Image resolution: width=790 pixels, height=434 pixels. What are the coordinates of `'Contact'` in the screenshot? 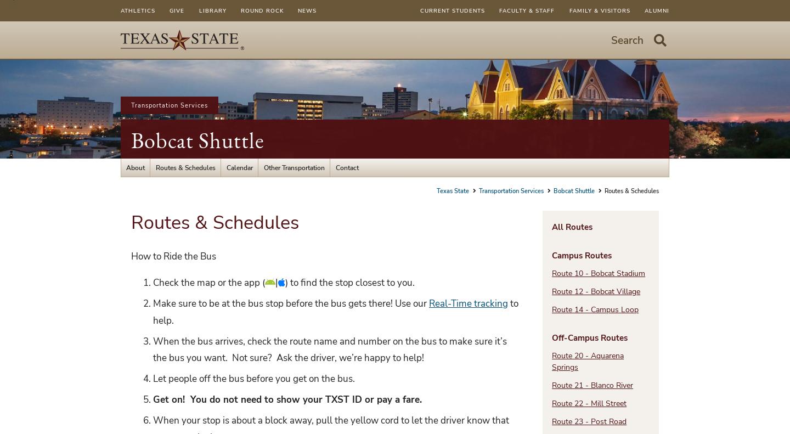 It's located at (334, 167).